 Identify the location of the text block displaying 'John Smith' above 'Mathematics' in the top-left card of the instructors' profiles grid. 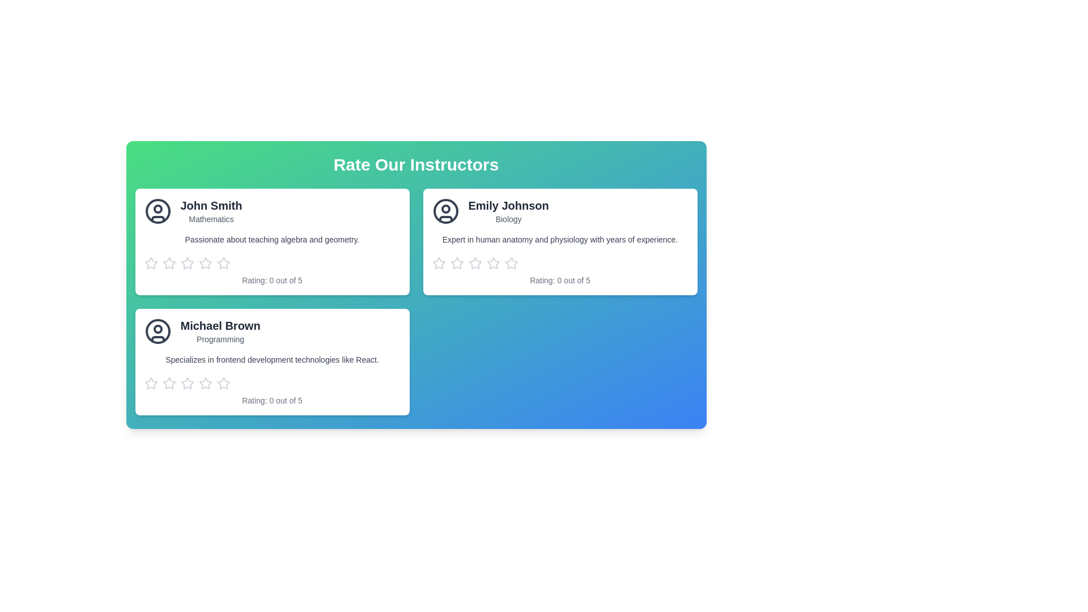
(211, 211).